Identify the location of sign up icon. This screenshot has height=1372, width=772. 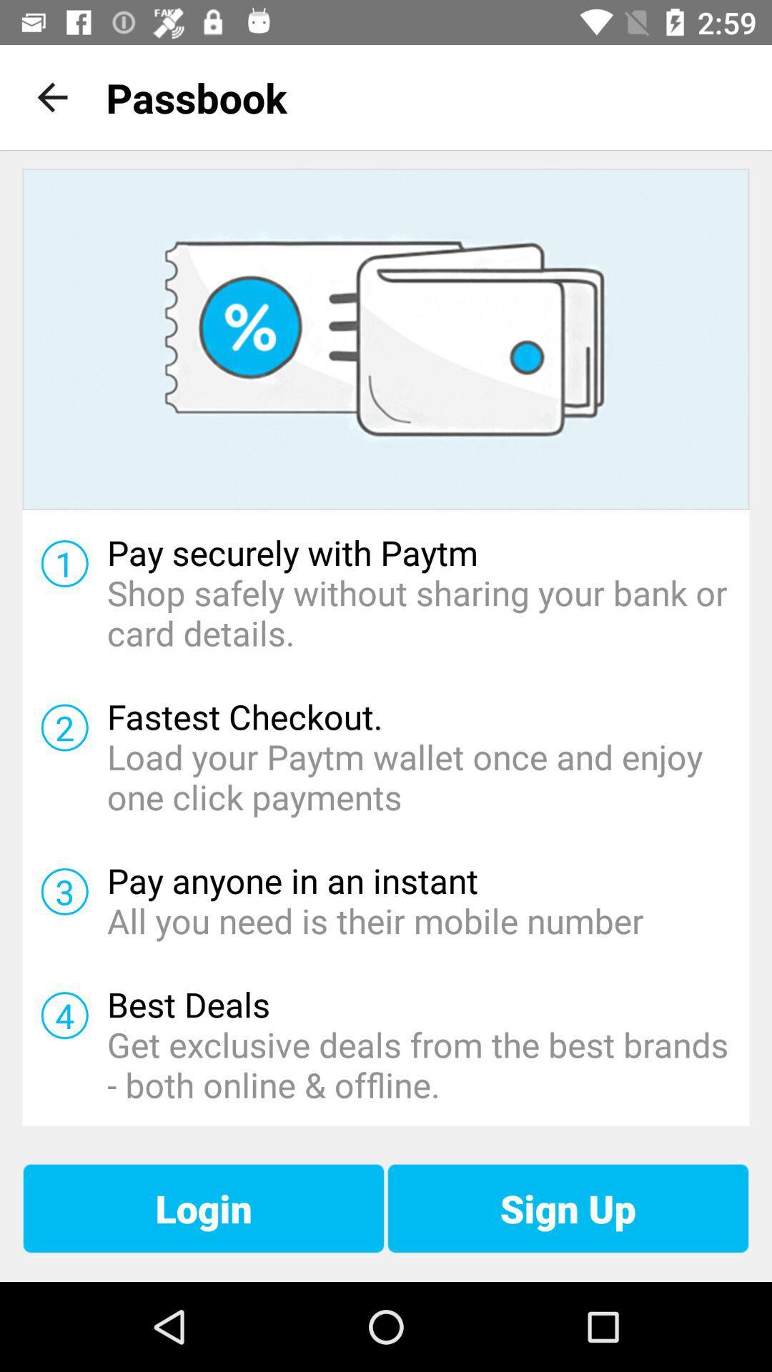
(567, 1208).